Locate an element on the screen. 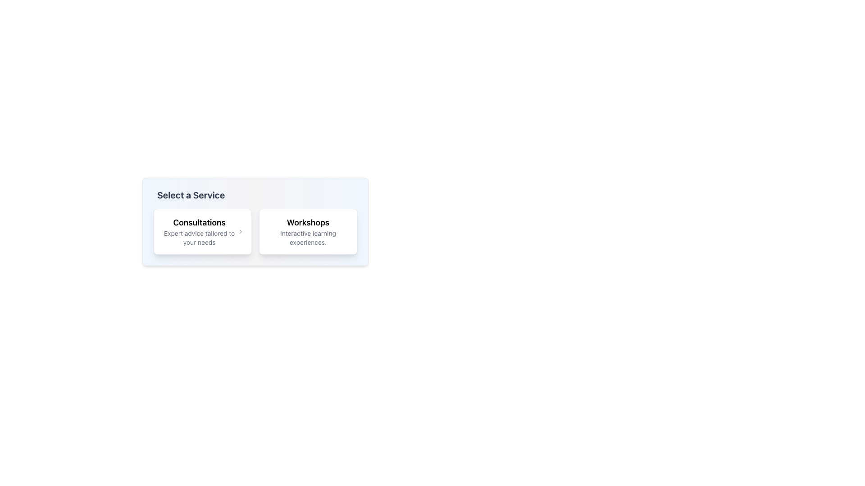 The image size is (865, 486). the first card in the grid layout is located at coordinates (202, 231).